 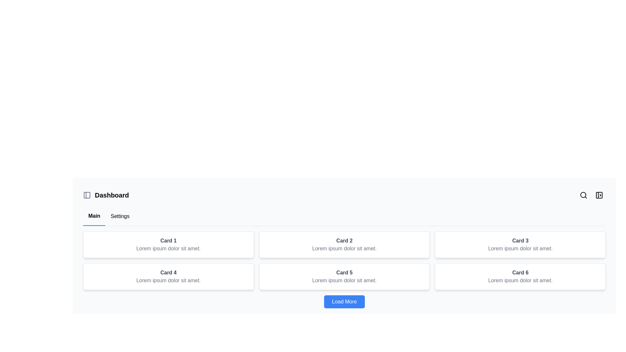 What do you see at coordinates (168, 280) in the screenshot?
I see `the text string that reads 'Lorem ipsum dolor sit amet.' located in the lower portion of 'Card 4'` at bounding box center [168, 280].